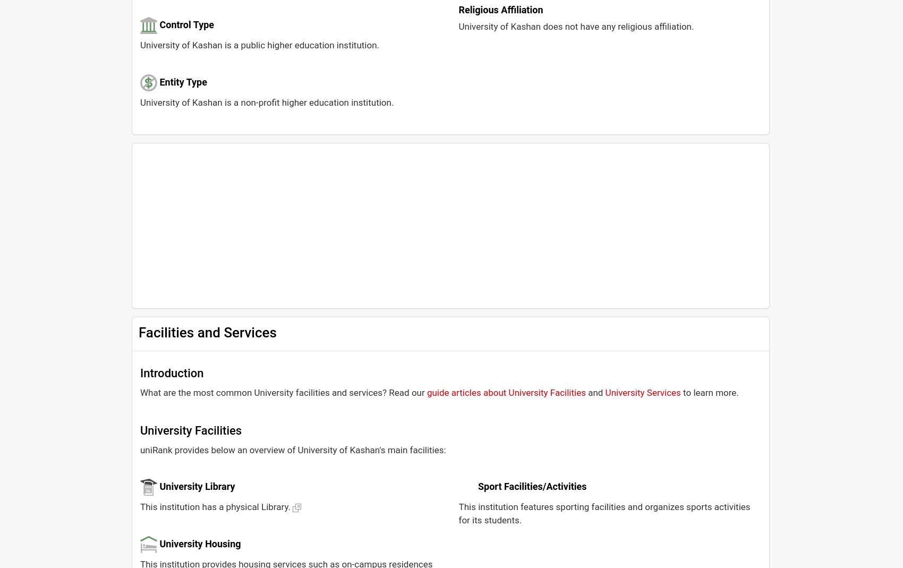 The image size is (903, 568). What do you see at coordinates (426, 392) in the screenshot?
I see `'guide articles about University Facilities'` at bounding box center [426, 392].